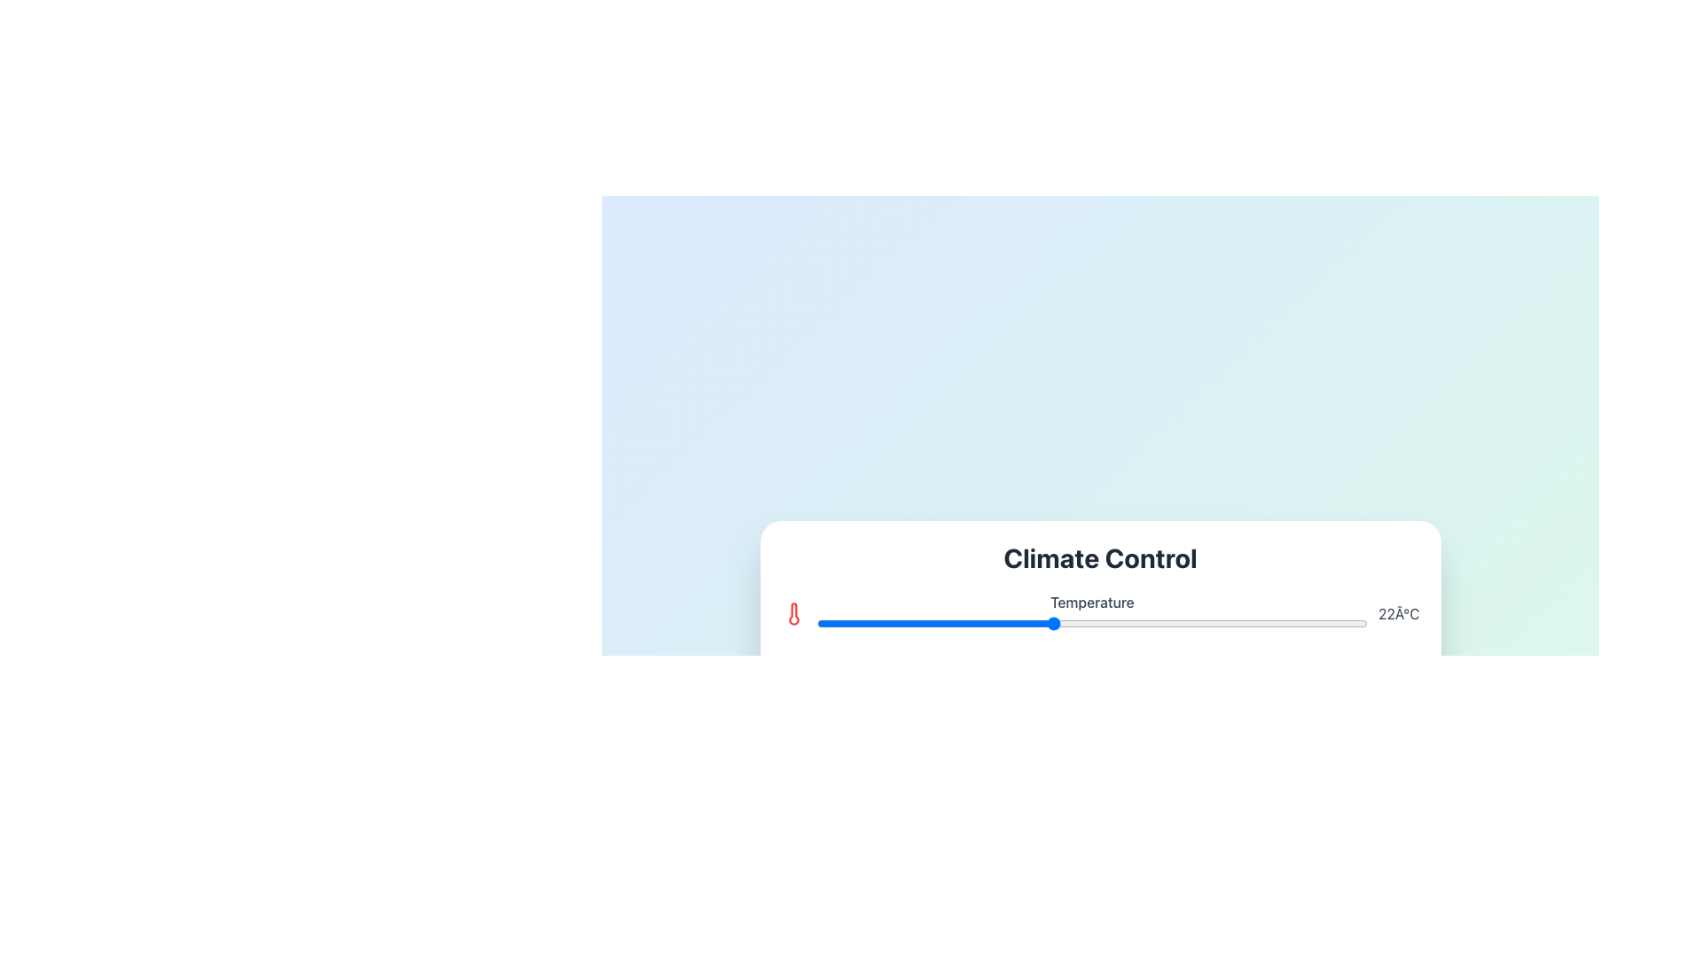 This screenshot has height=957, width=1702. Describe the element at coordinates (1249, 623) in the screenshot. I see `the temperature slider` at that location.